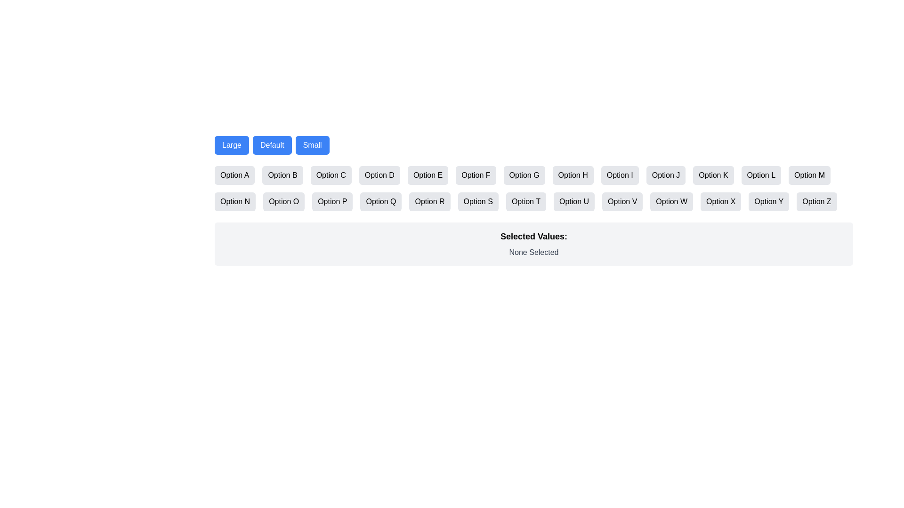 The width and height of the screenshot is (904, 508). What do you see at coordinates (720, 201) in the screenshot?
I see `the button labeled 'Option X'` at bounding box center [720, 201].